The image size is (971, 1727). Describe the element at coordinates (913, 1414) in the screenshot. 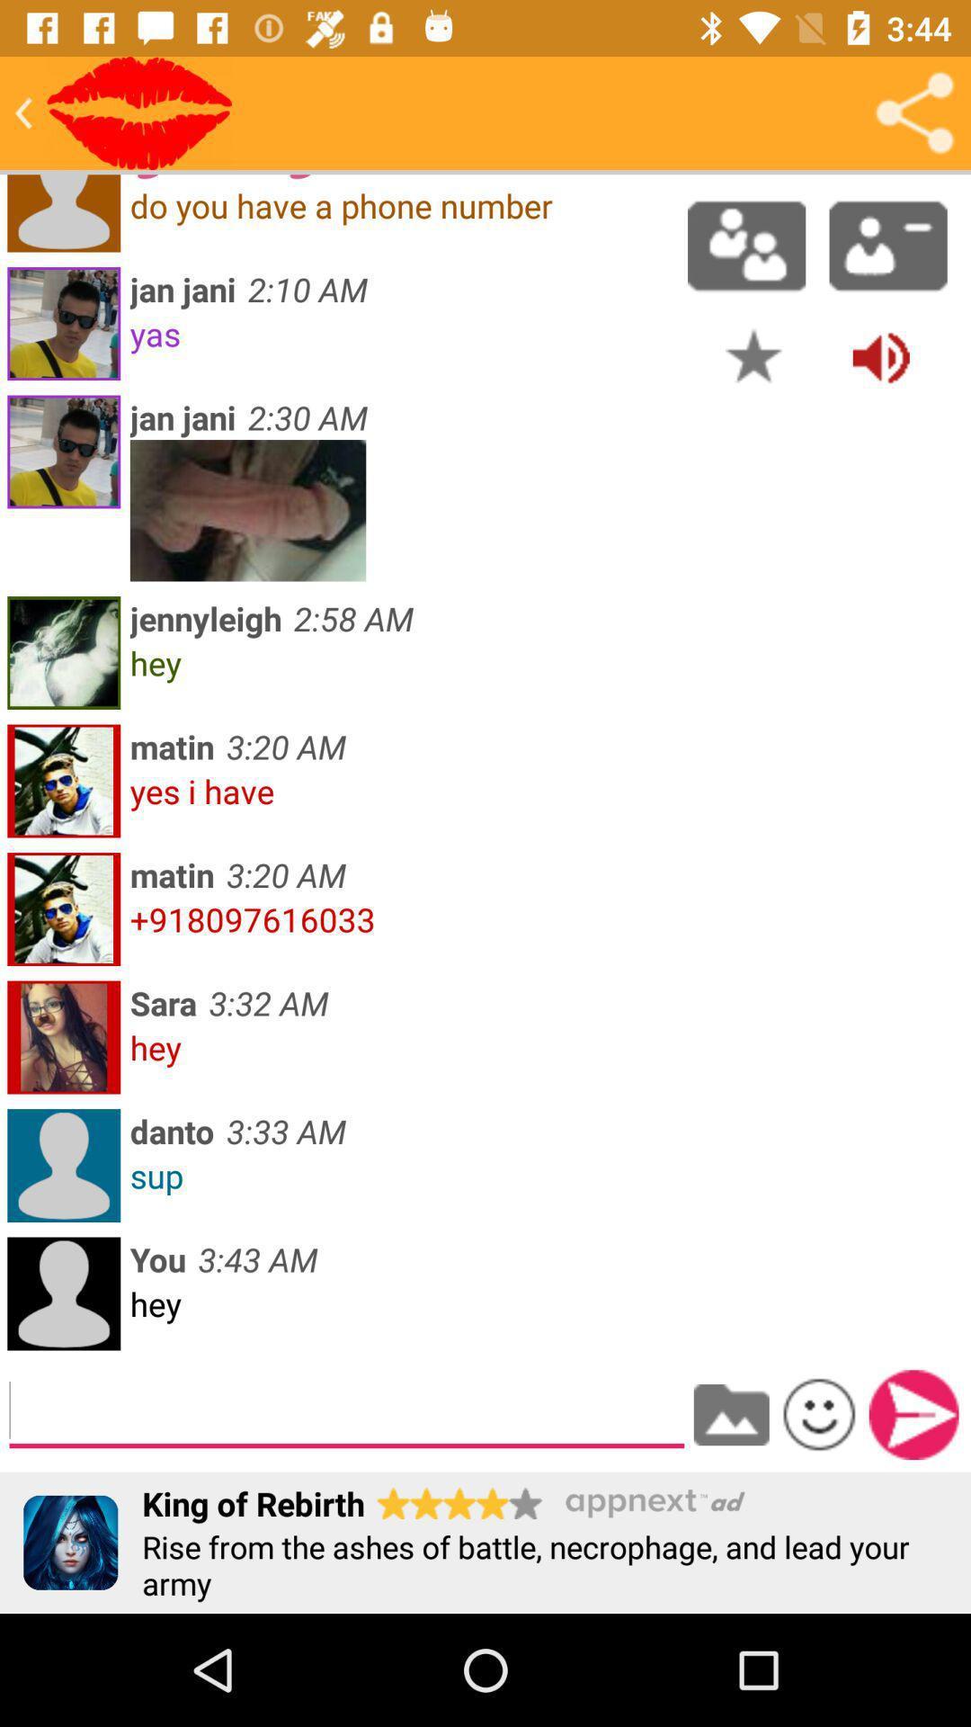

I see `send message` at that location.